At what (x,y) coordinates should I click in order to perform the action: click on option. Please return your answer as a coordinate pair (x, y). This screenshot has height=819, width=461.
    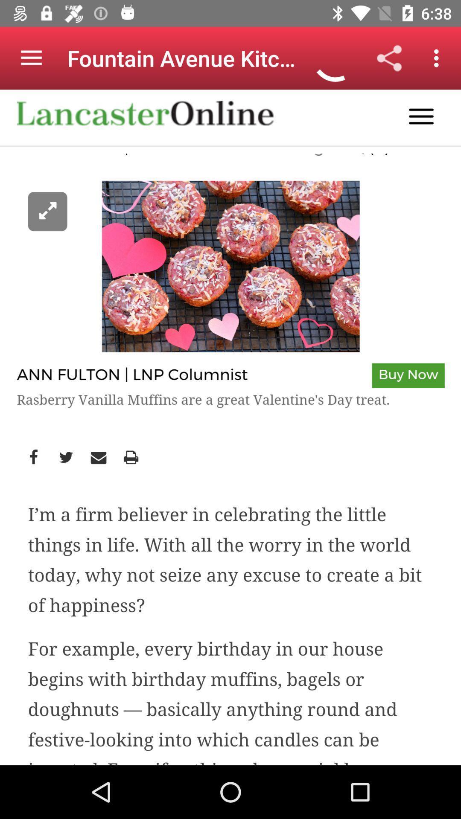
    Looking at the image, I should click on (230, 427).